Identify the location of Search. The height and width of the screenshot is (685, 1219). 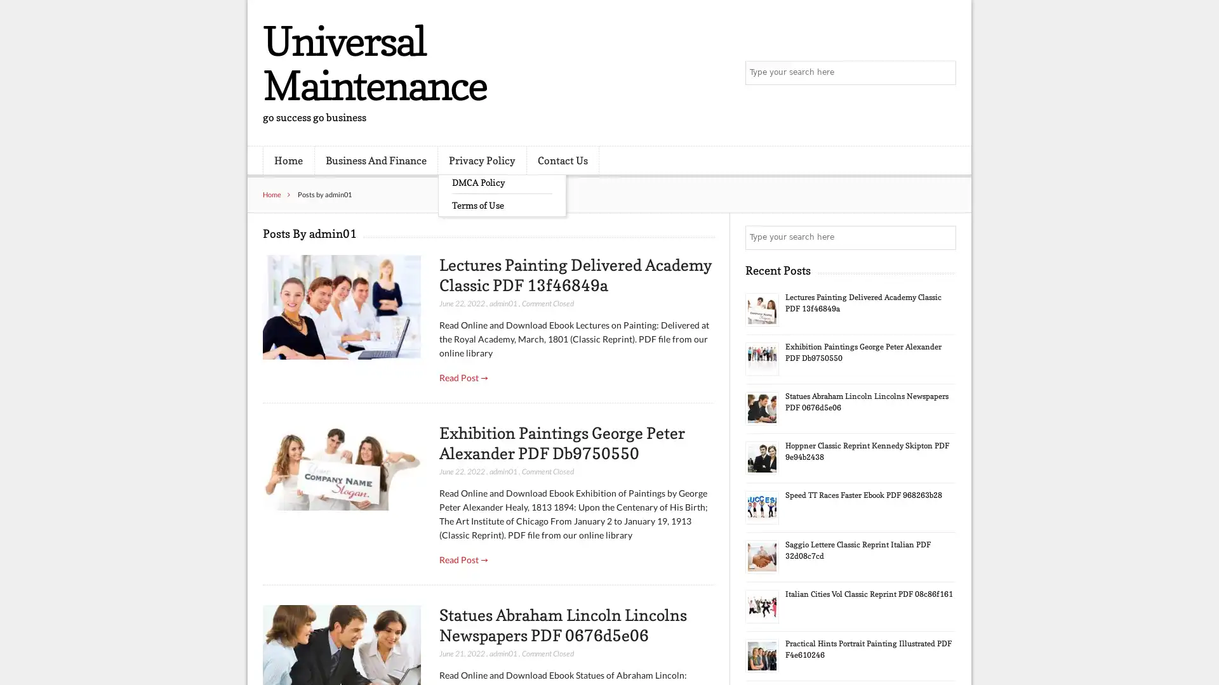
(943, 73).